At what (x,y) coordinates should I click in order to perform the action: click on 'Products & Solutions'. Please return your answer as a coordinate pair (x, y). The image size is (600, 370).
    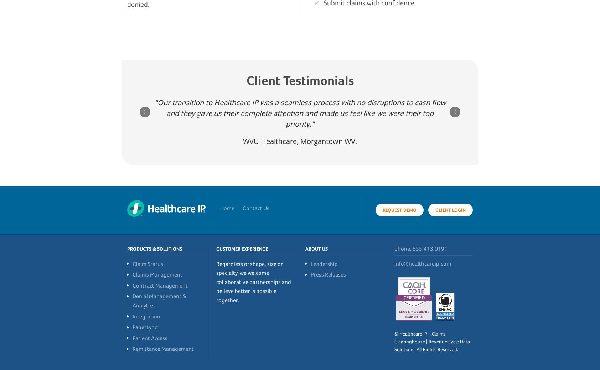
    Looking at the image, I should click on (127, 248).